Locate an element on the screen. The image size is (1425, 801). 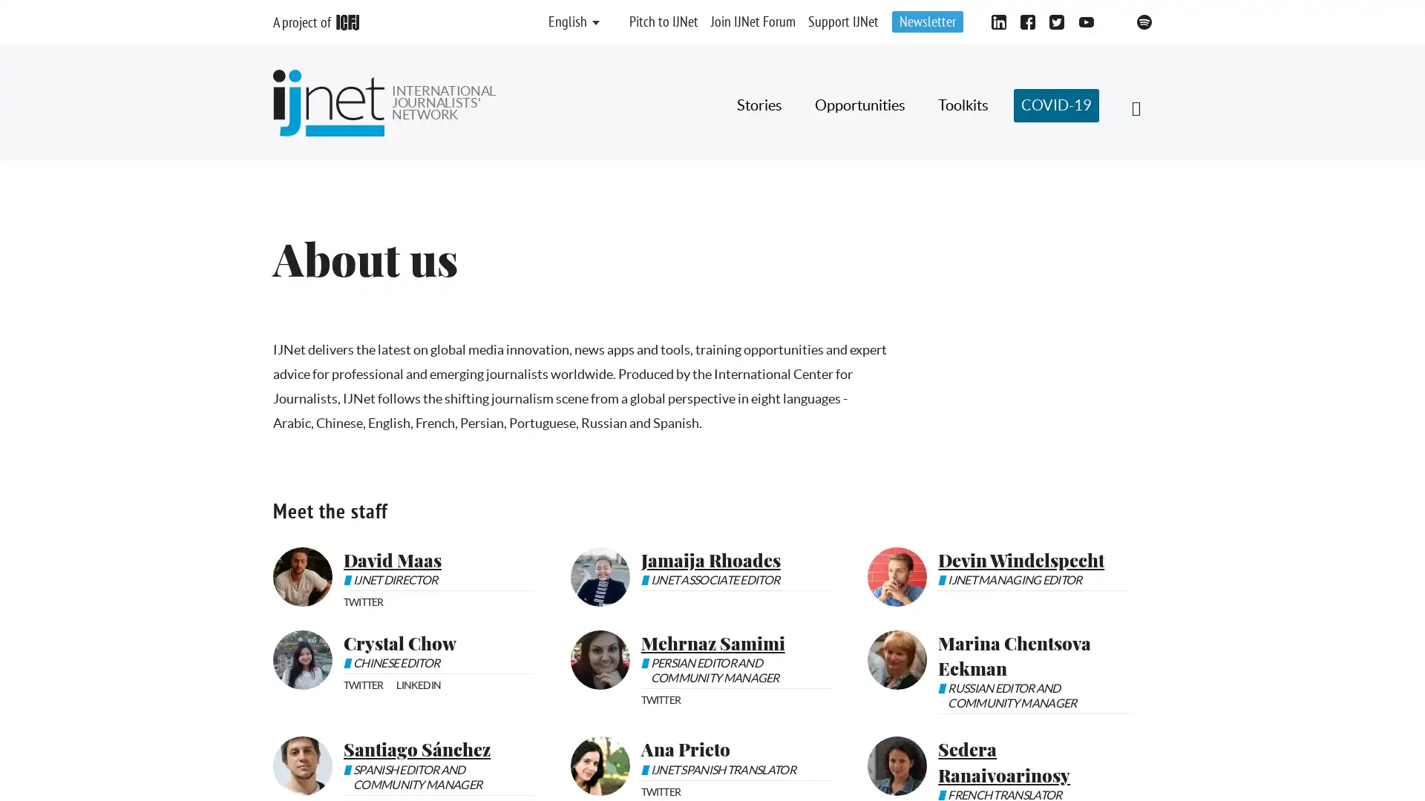
English is located at coordinates (566, 22).